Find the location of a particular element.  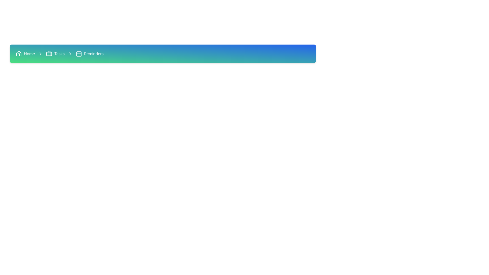

the Chevron icon located on the navigation bar between the 'Tasks' and 'Reminders' sections, which indicates navigation and relationship between these items is located at coordinates (40, 54).